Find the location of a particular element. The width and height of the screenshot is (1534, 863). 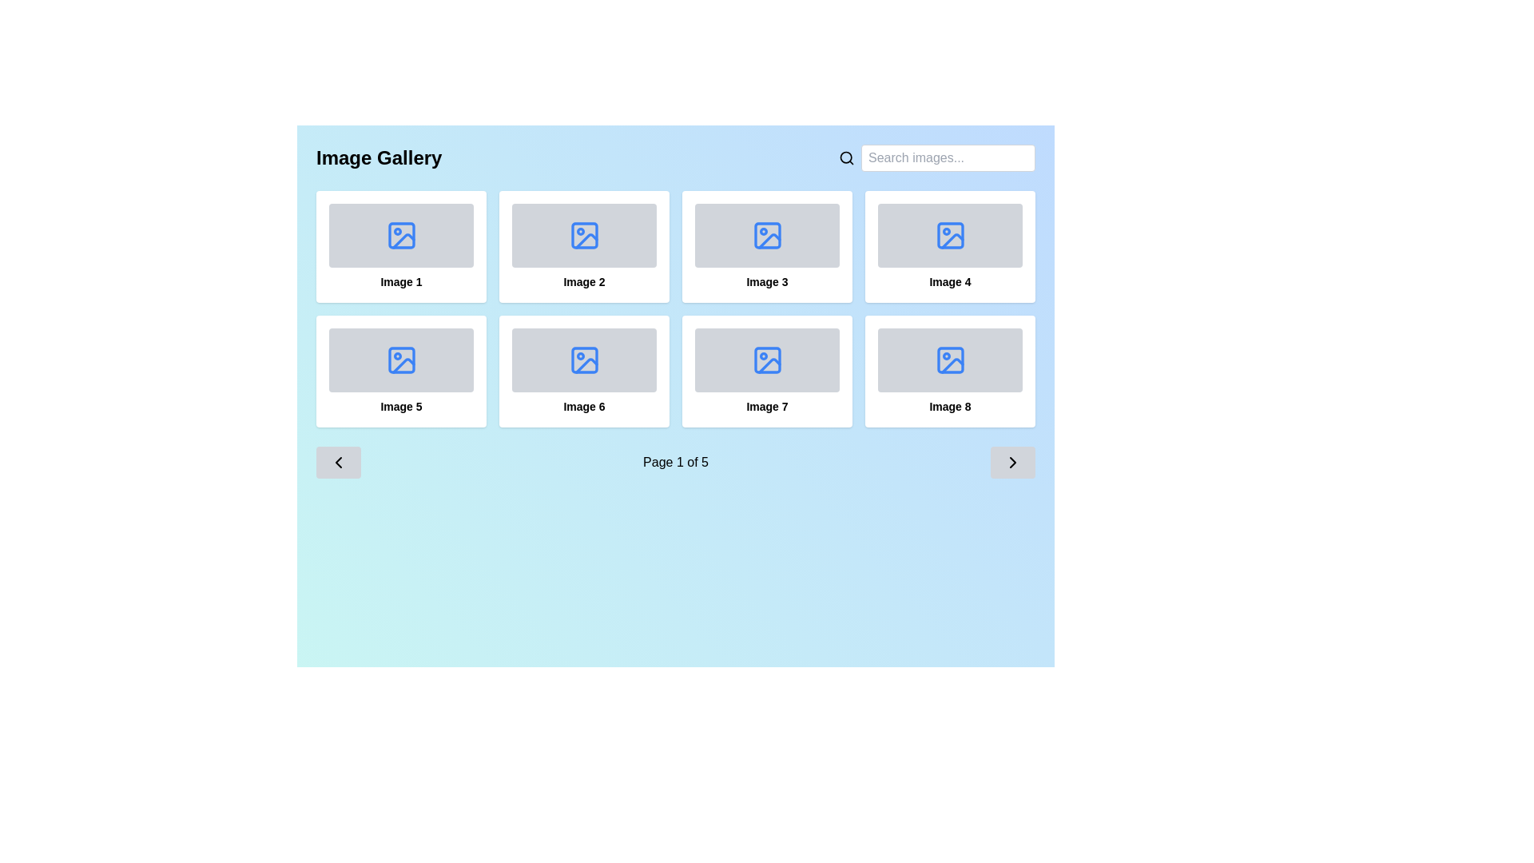

the pagination text label indicating 'Page 1 of 5', located near the bottom of the interface between two arrow buttons is located at coordinates (675, 462).